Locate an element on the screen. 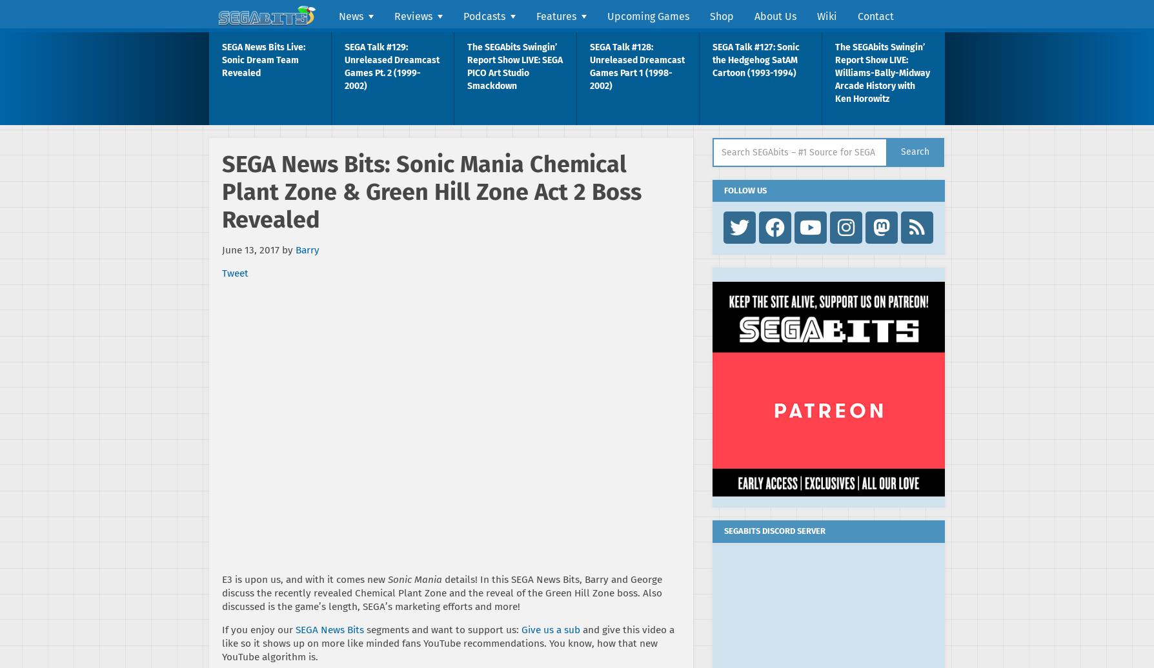 The image size is (1154, 668). 'Search' is located at coordinates (915, 152).